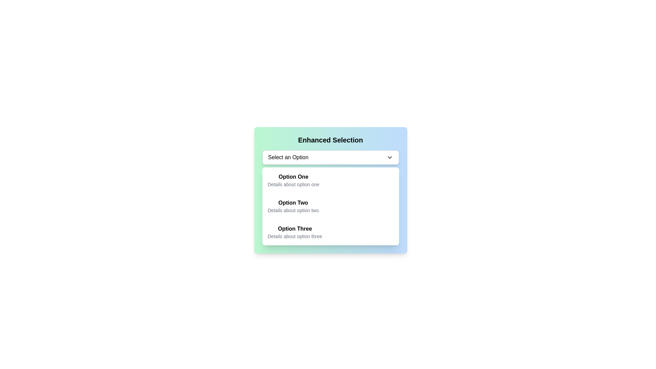 The image size is (656, 369). Describe the element at coordinates (330, 206) in the screenshot. I see `the second selectable option in the dropdown list` at that location.